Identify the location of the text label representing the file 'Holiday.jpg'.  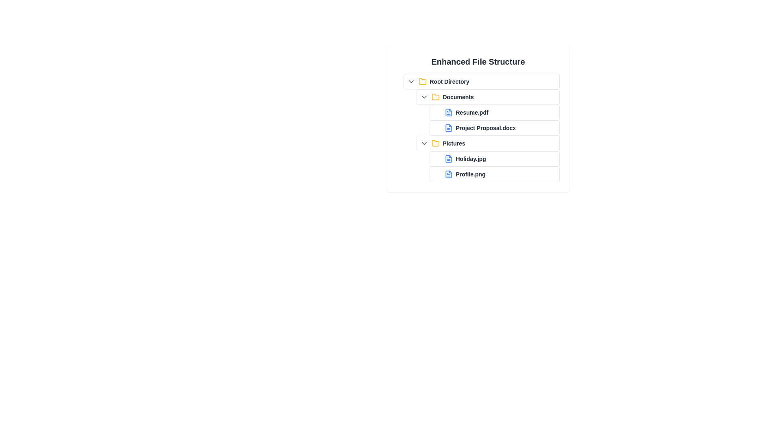
(470, 159).